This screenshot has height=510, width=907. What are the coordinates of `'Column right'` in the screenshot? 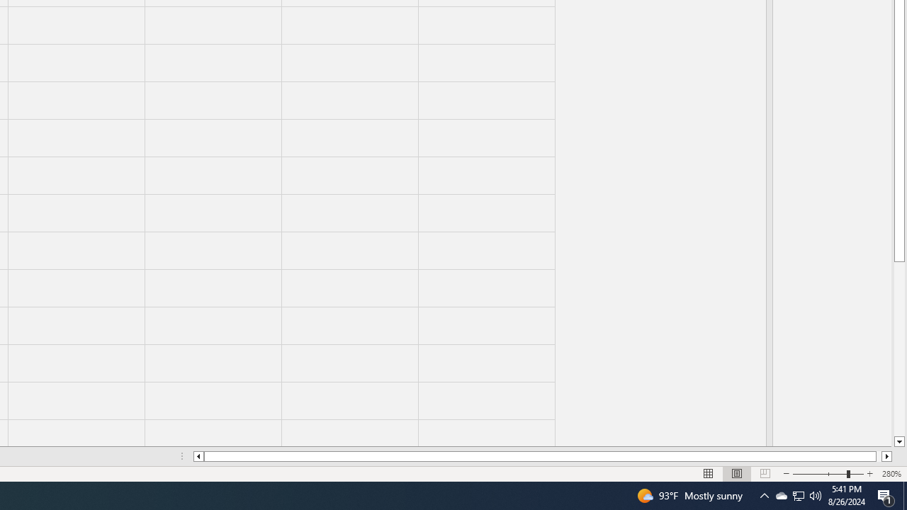 It's located at (886, 456).